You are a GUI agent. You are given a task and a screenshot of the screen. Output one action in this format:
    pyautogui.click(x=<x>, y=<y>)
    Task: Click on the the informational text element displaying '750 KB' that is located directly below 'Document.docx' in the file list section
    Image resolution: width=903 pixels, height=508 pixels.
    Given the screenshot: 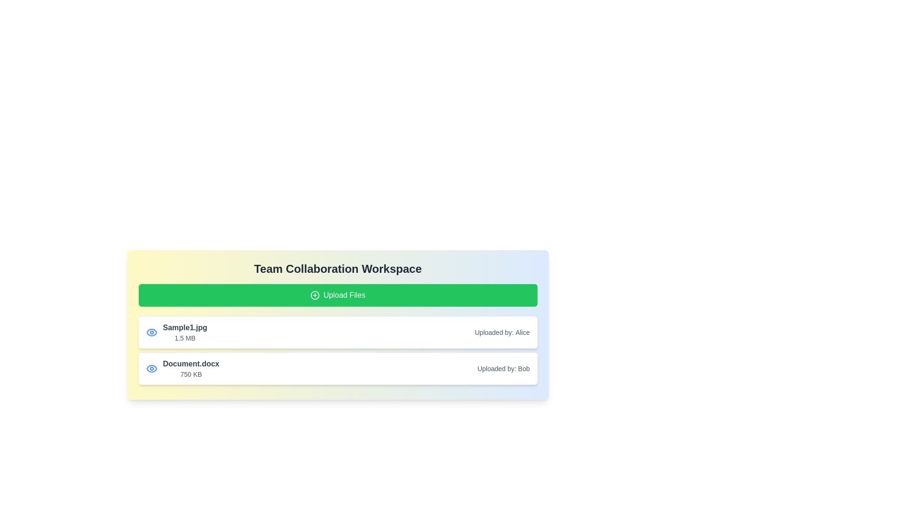 What is the action you would take?
    pyautogui.click(x=190, y=373)
    